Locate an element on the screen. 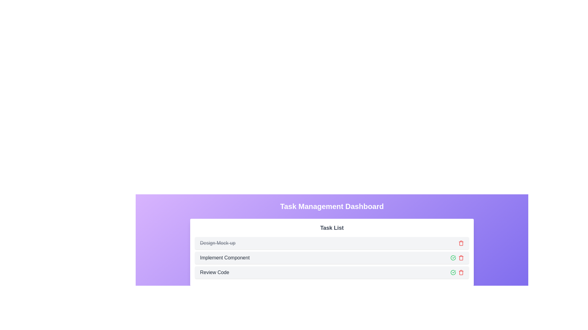 This screenshot has width=588, height=330. the circular button with a green border and checkmark inside to mark the task as completed is located at coordinates (453, 272).